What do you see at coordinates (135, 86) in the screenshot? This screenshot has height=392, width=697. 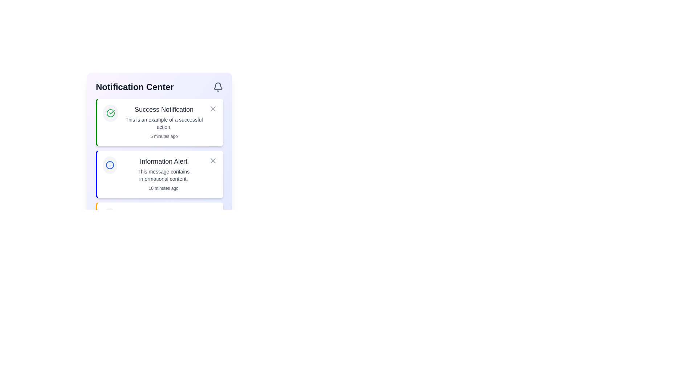 I see `the Text-based heading of the Notification Center, which is positioned at the top-left of the interface and aligned to the left of the bell icon` at bounding box center [135, 86].